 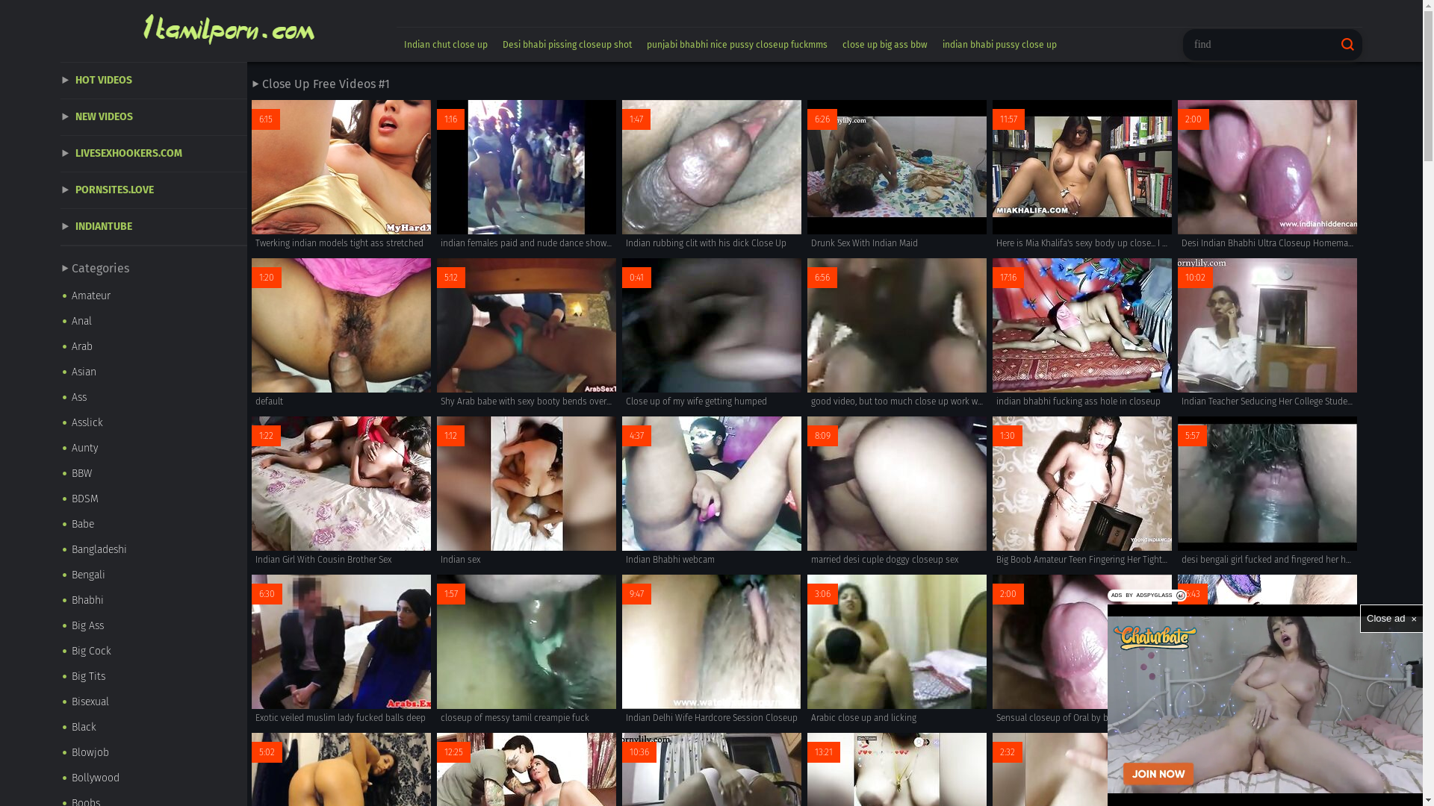 What do you see at coordinates (154, 296) in the screenshot?
I see `'Amateur'` at bounding box center [154, 296].